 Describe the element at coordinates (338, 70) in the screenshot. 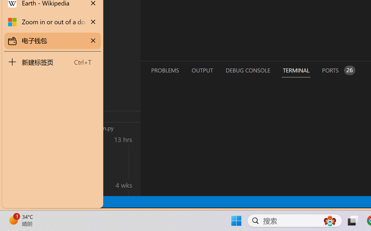

I see `'Ports - 26 forwarded ports'` at that location.